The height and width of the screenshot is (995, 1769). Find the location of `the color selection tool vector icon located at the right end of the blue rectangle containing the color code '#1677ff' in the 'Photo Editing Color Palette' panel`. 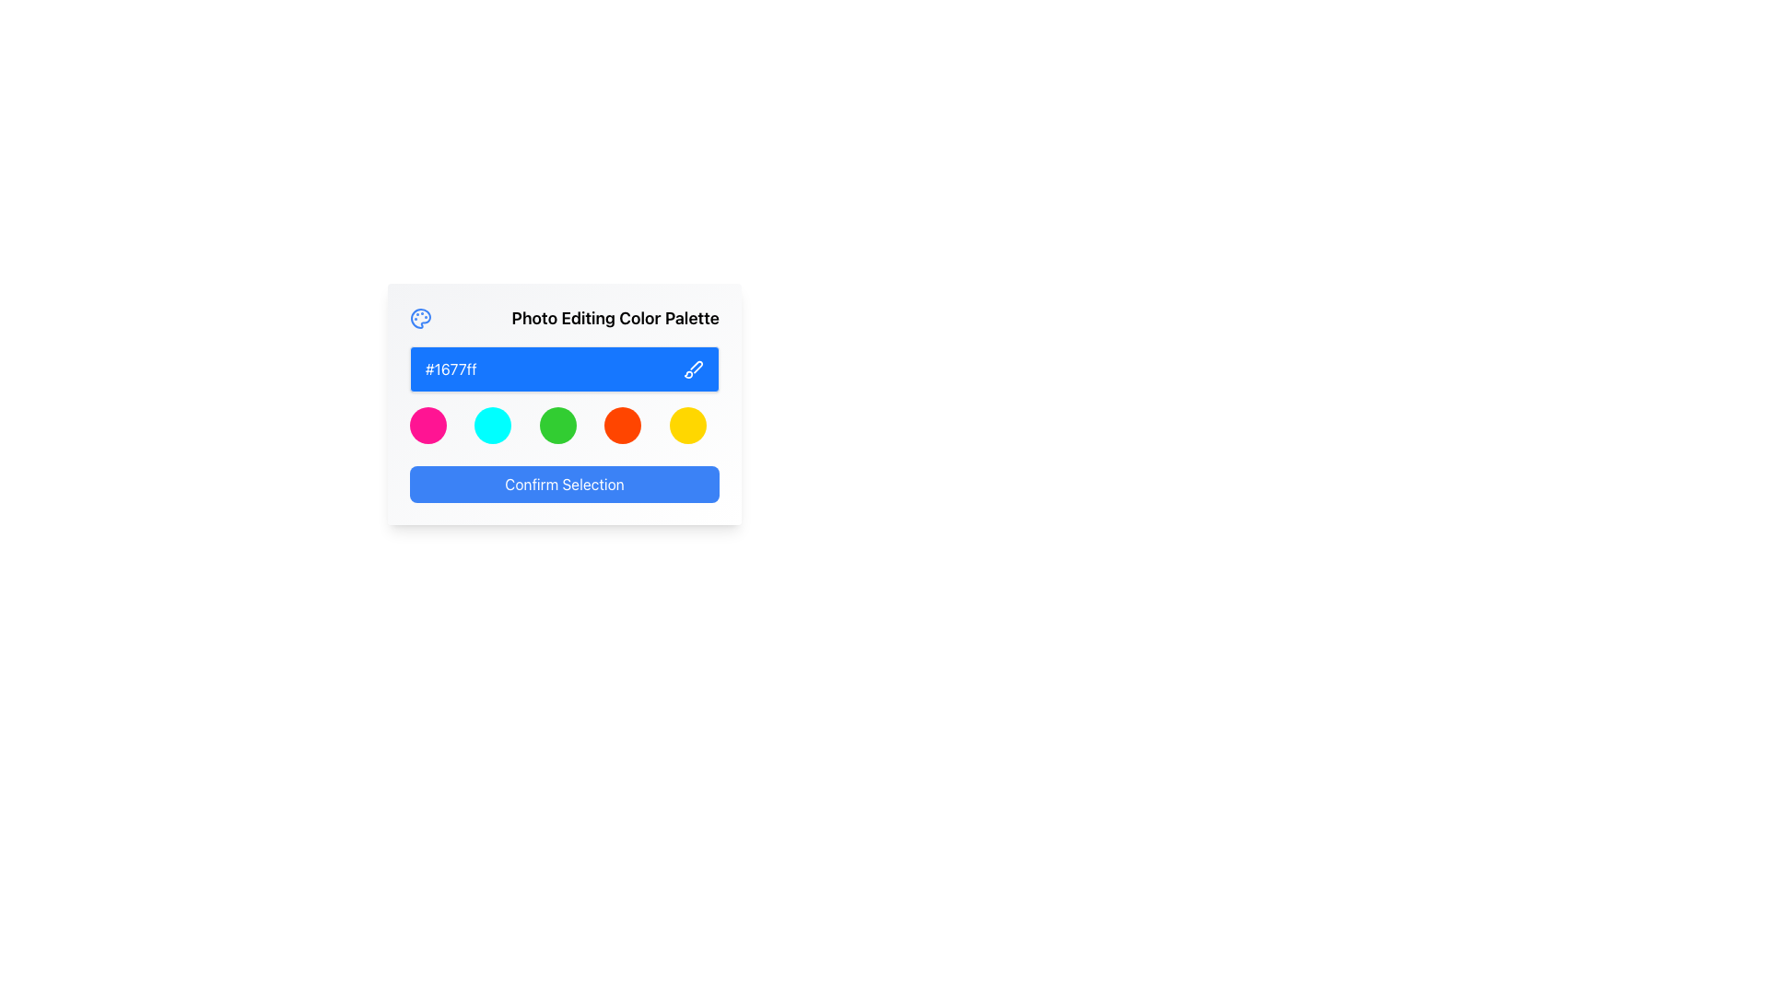

the color selection tool vector icon located at the right end of the blue rectangle containing the color code '#1677ff' in the 'Photo Editing Color Palette' panel is located at coordinates (693, 369).